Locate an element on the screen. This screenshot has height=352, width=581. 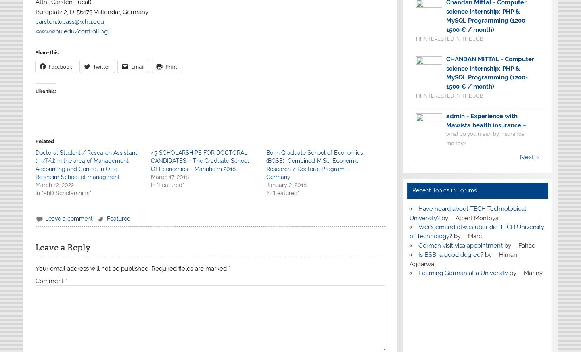
'Burgplatz 2, D-56179 Vallendar, Germany' is located at coordinates (91, 11).